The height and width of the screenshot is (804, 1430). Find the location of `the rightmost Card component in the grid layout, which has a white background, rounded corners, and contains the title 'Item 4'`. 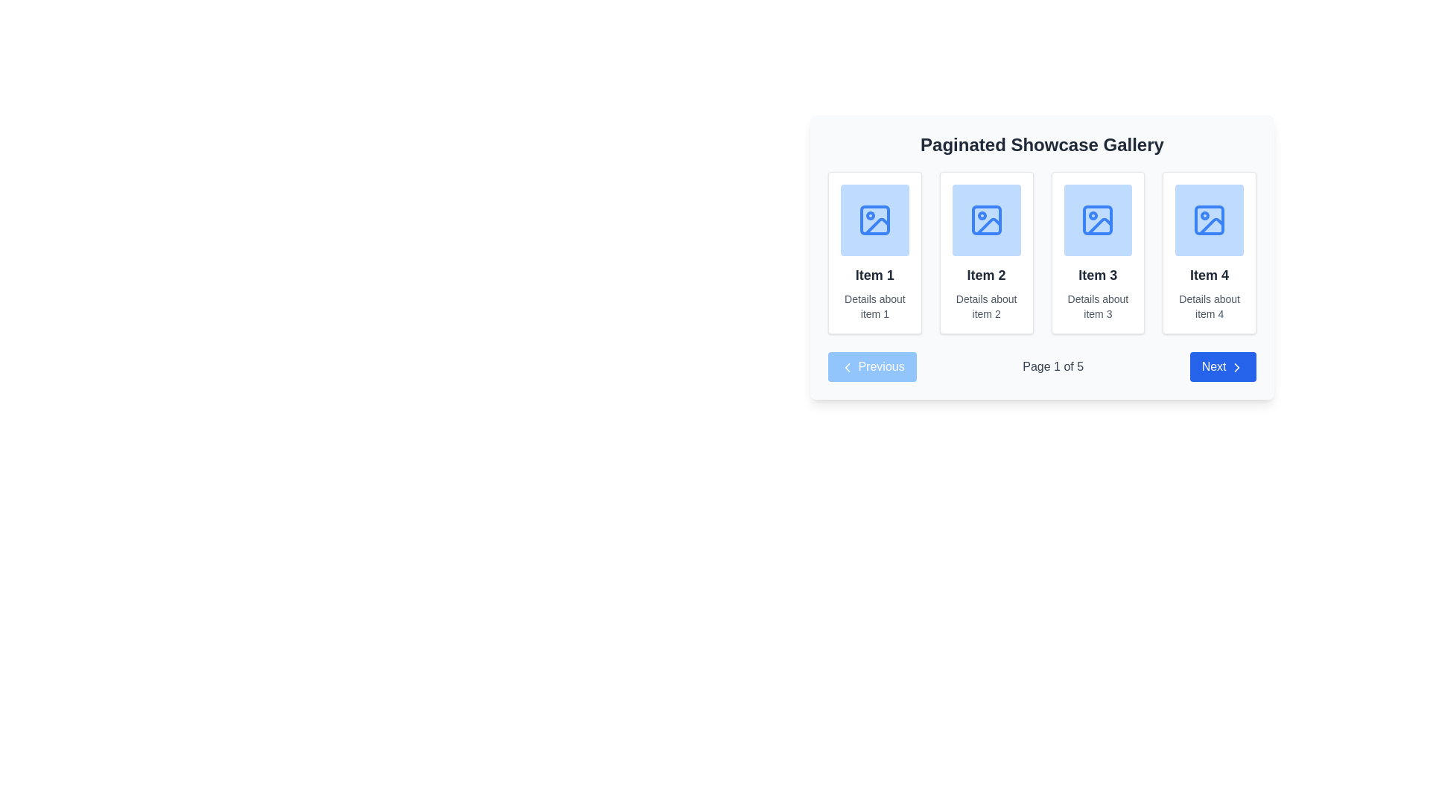

the rightmost Card component in the grid layout, which has a white background, rounded corners, and contains the title 'Item 4' is located at coordinates (1210, 252).